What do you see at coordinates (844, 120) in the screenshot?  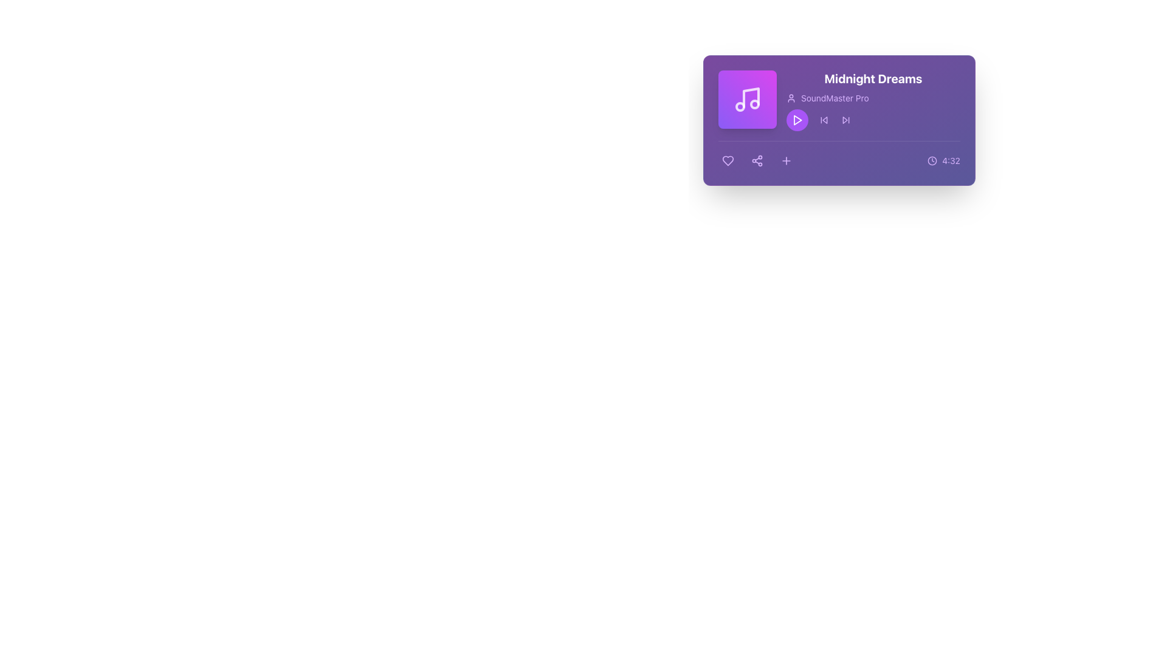 I see `the forward control button located on the audio player interface next to the backward button to skip to the next track` at bounding box center [844, 120].